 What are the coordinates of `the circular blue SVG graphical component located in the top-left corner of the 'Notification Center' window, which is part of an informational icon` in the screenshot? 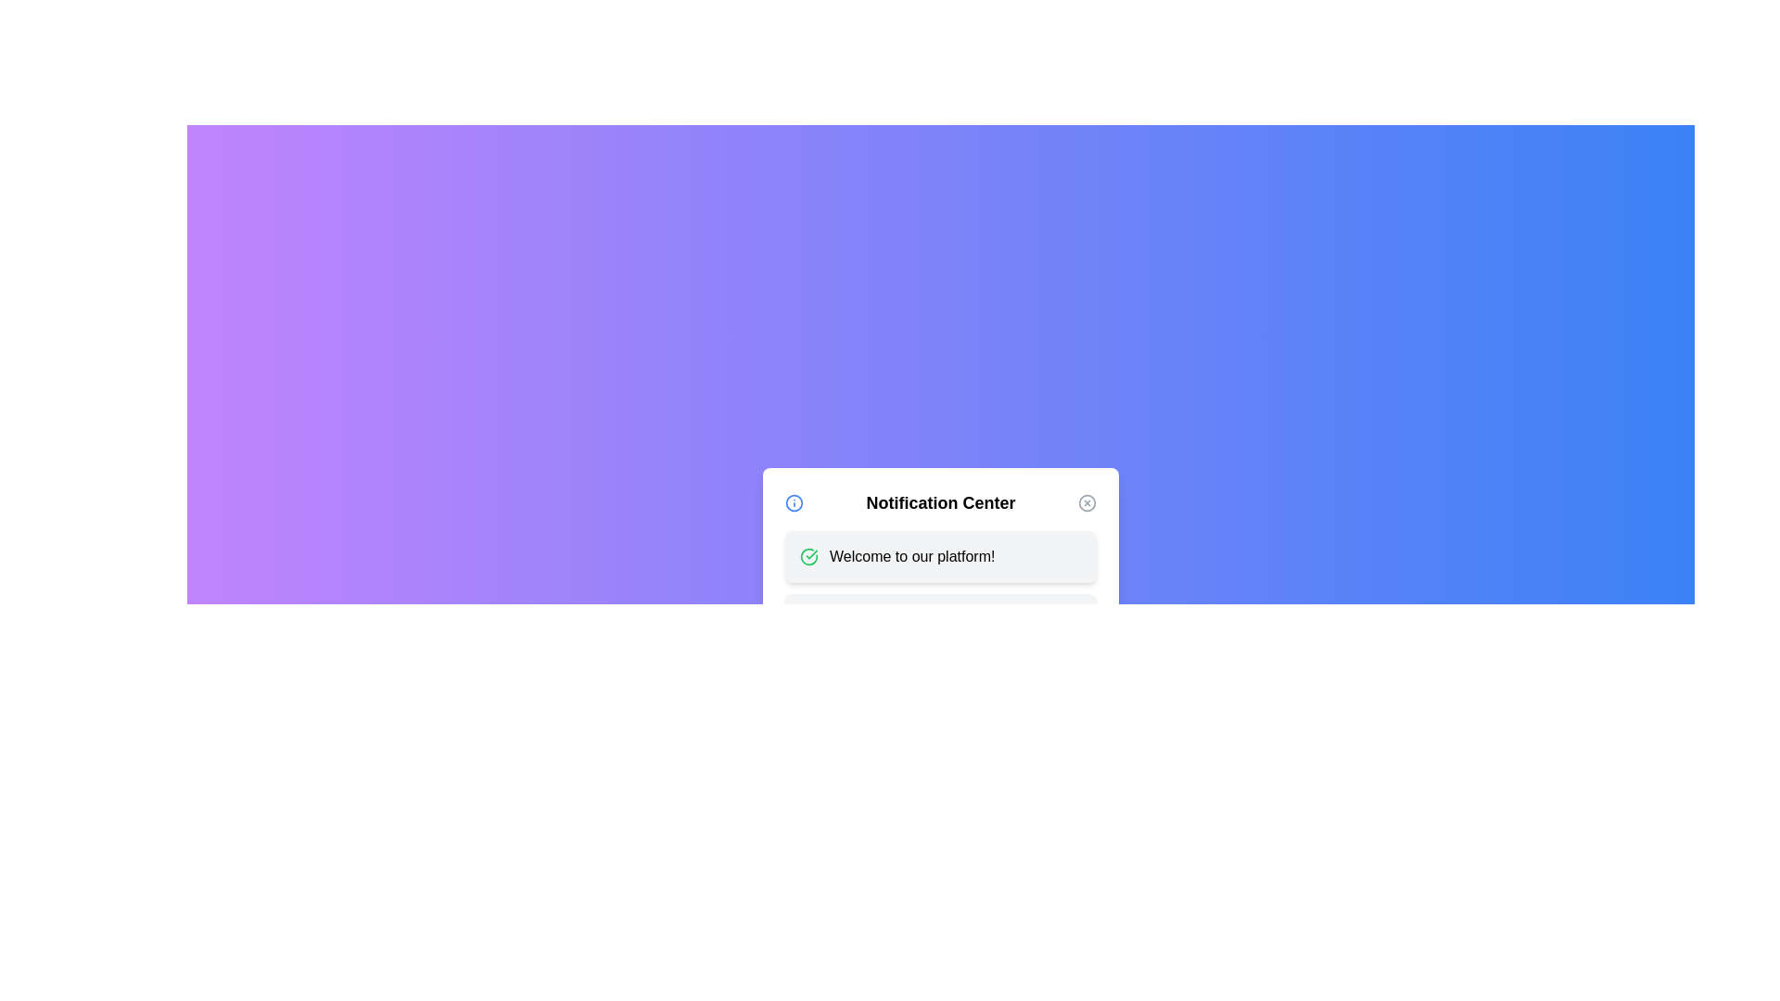 It's located at (795, 503).